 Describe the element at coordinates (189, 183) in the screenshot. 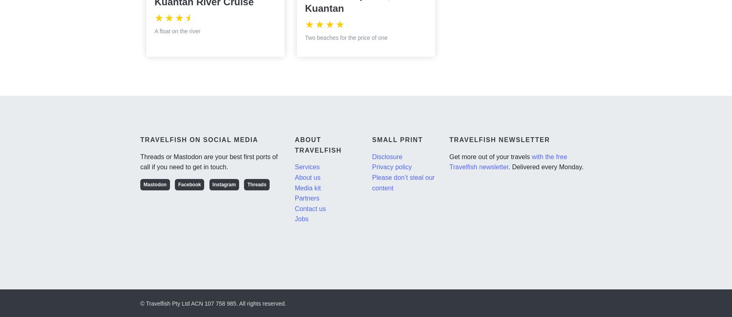

I see `'Facebook'` at that location.